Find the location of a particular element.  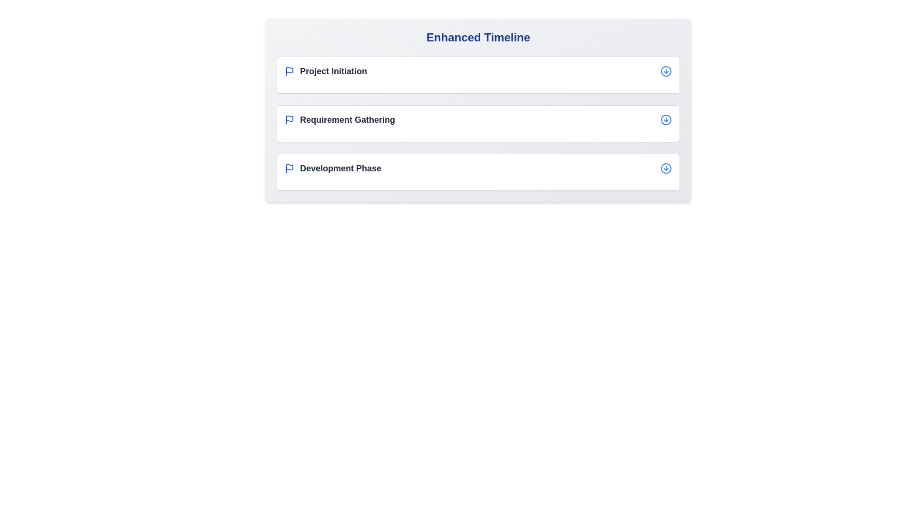

the blue flag icon located to the left of the 'Project Initiation' text in the first row under the 'Enhanced Timeline' header is located at coordinates (289, 71).